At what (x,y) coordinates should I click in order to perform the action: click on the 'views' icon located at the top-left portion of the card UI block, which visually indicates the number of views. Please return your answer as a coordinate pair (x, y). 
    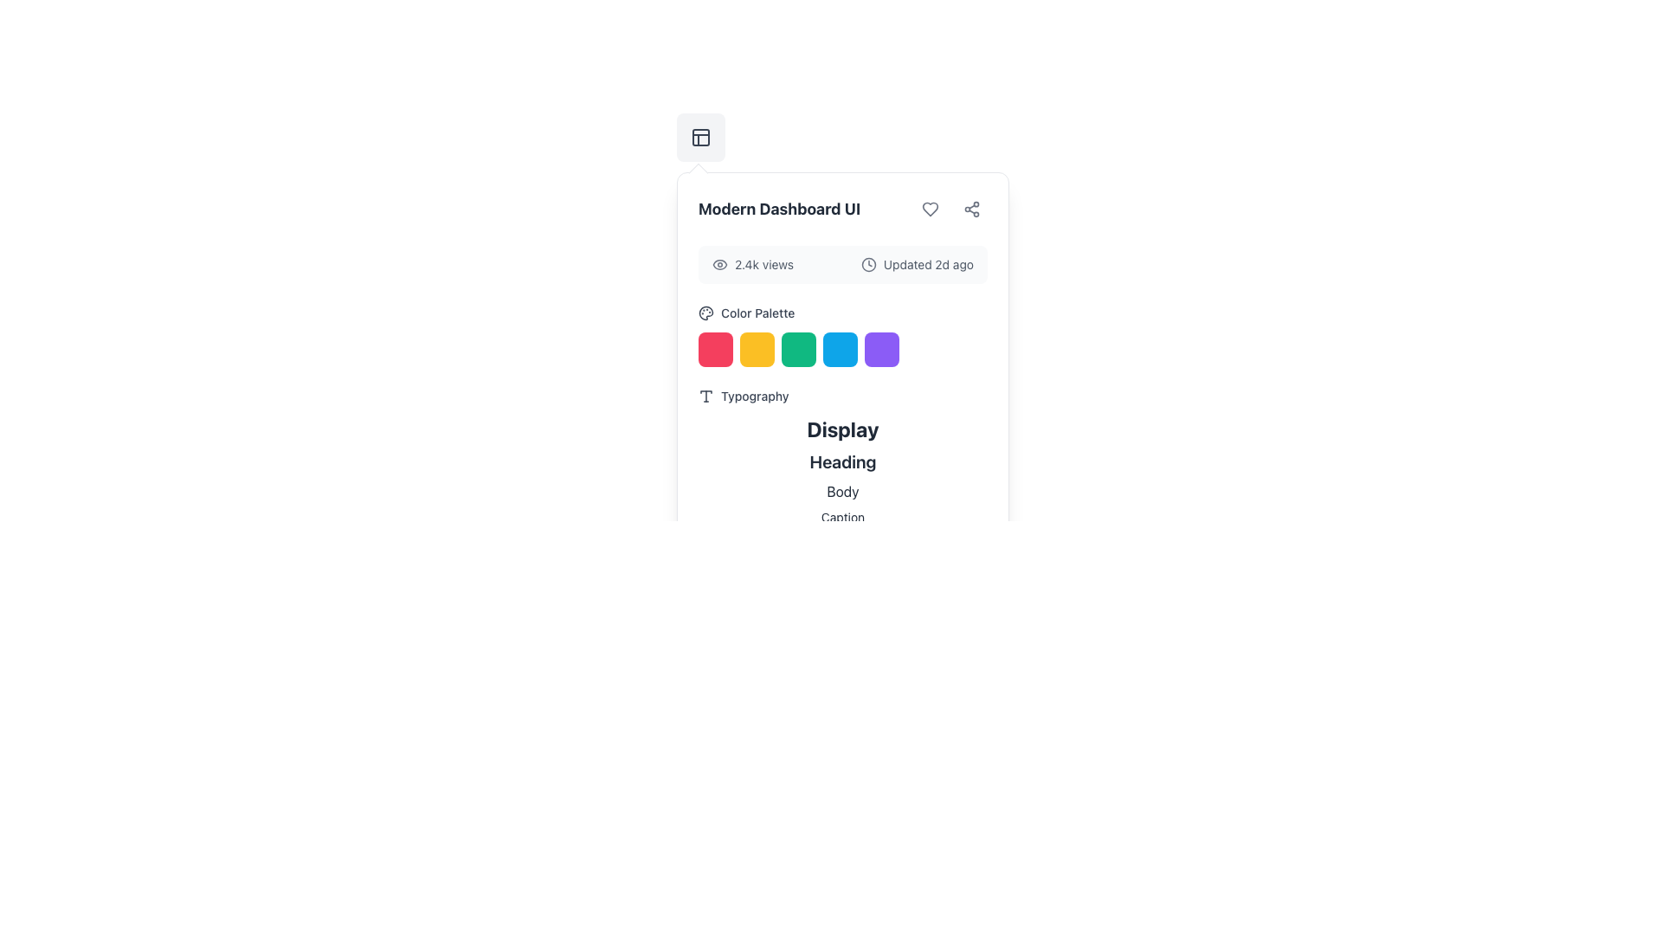
    Looking at the image, I should click on (719, 264).